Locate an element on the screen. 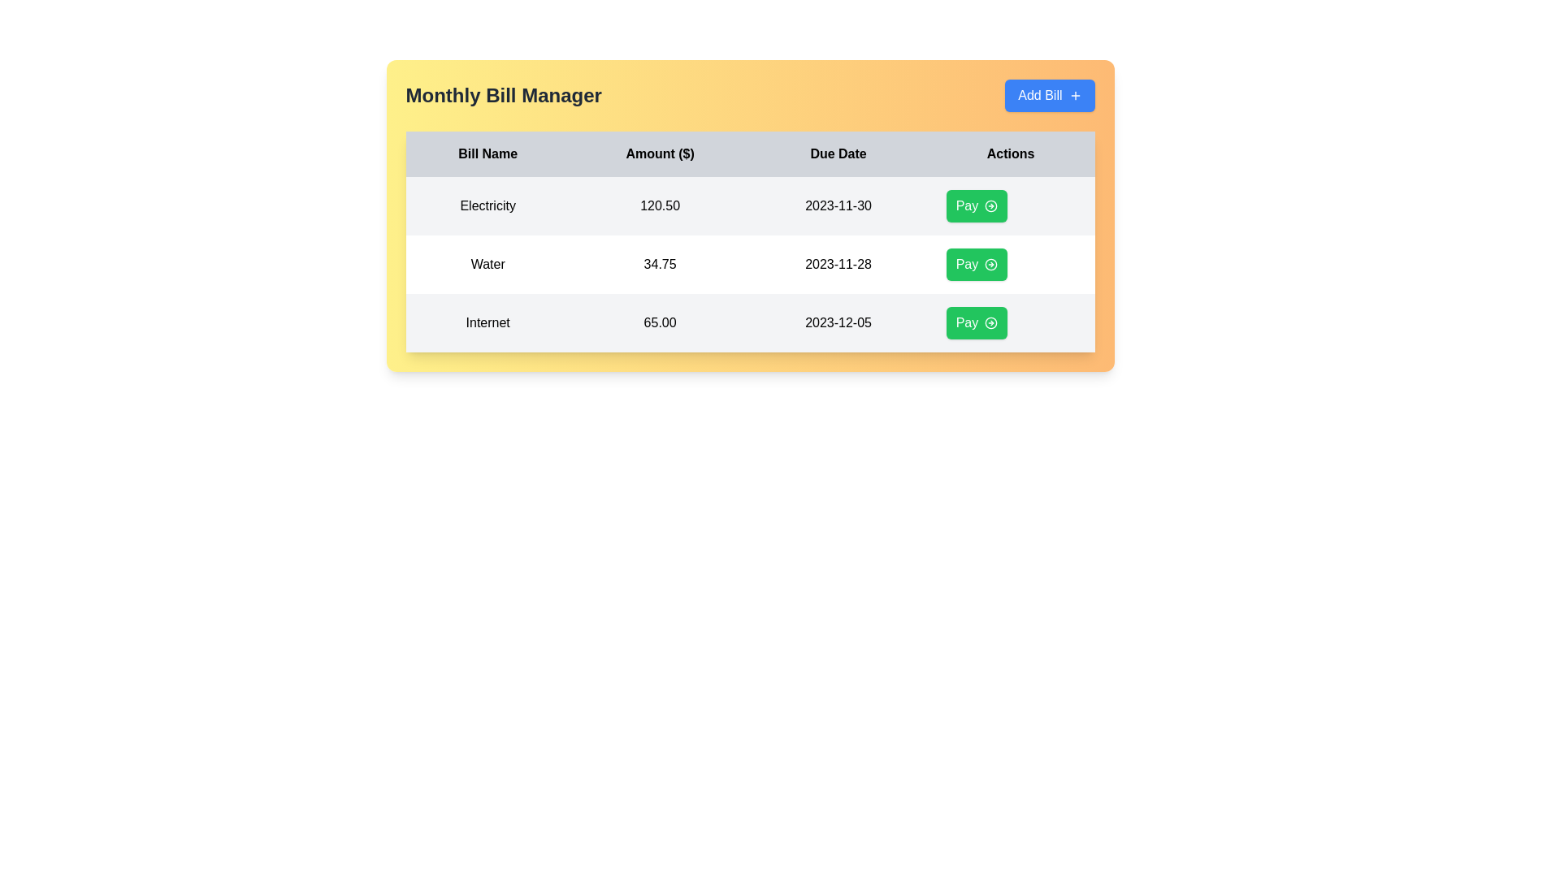  the Table Header Cell labeled 'Bill Name' with a light gray background and bold black text, which is located on the far-left side of the header row of the table is located at coordinates (487, 153).